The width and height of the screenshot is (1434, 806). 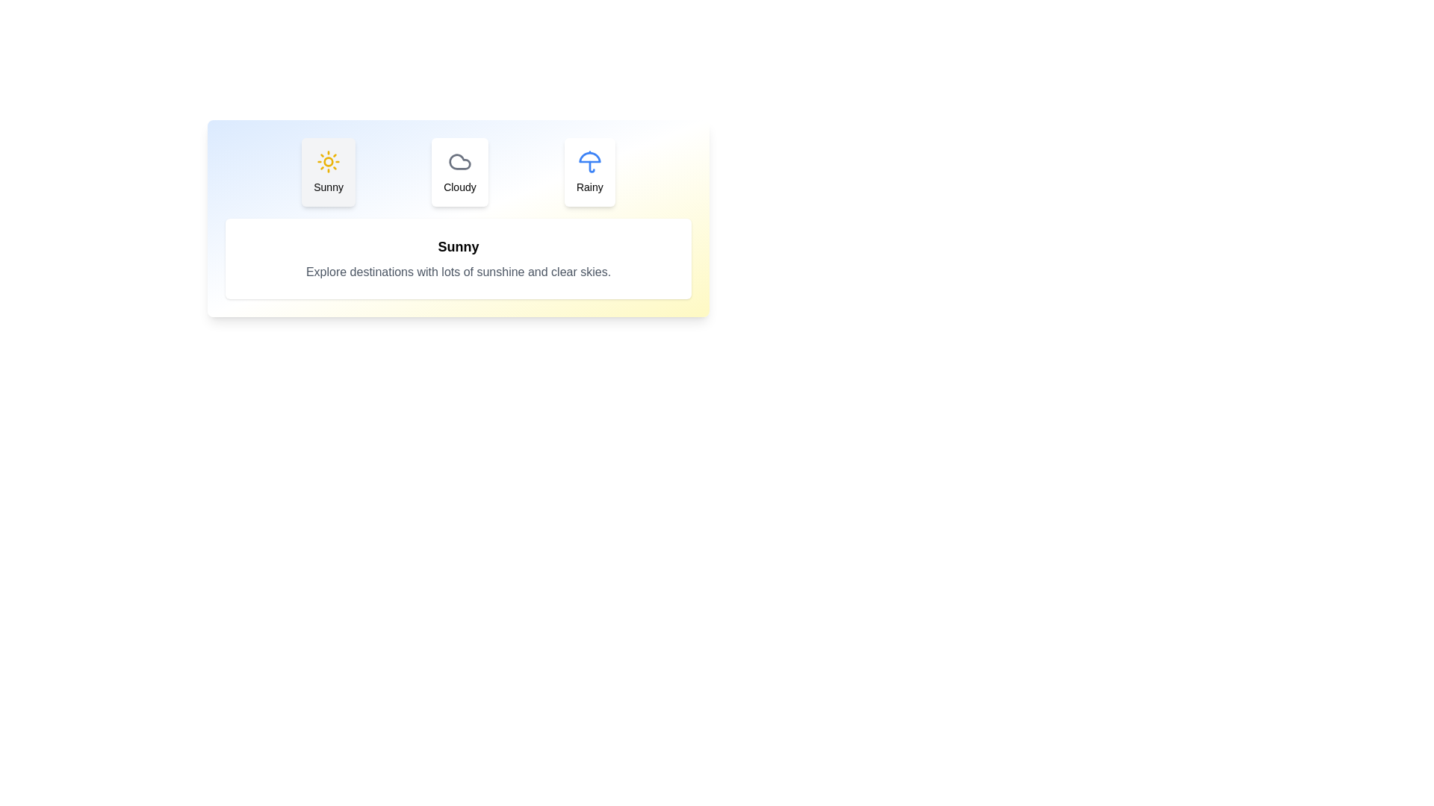 What do you see at coordinates (459, 172) in the screenshot?
I see `the Cloudy button to view its details` at bounding box center [459, 172].